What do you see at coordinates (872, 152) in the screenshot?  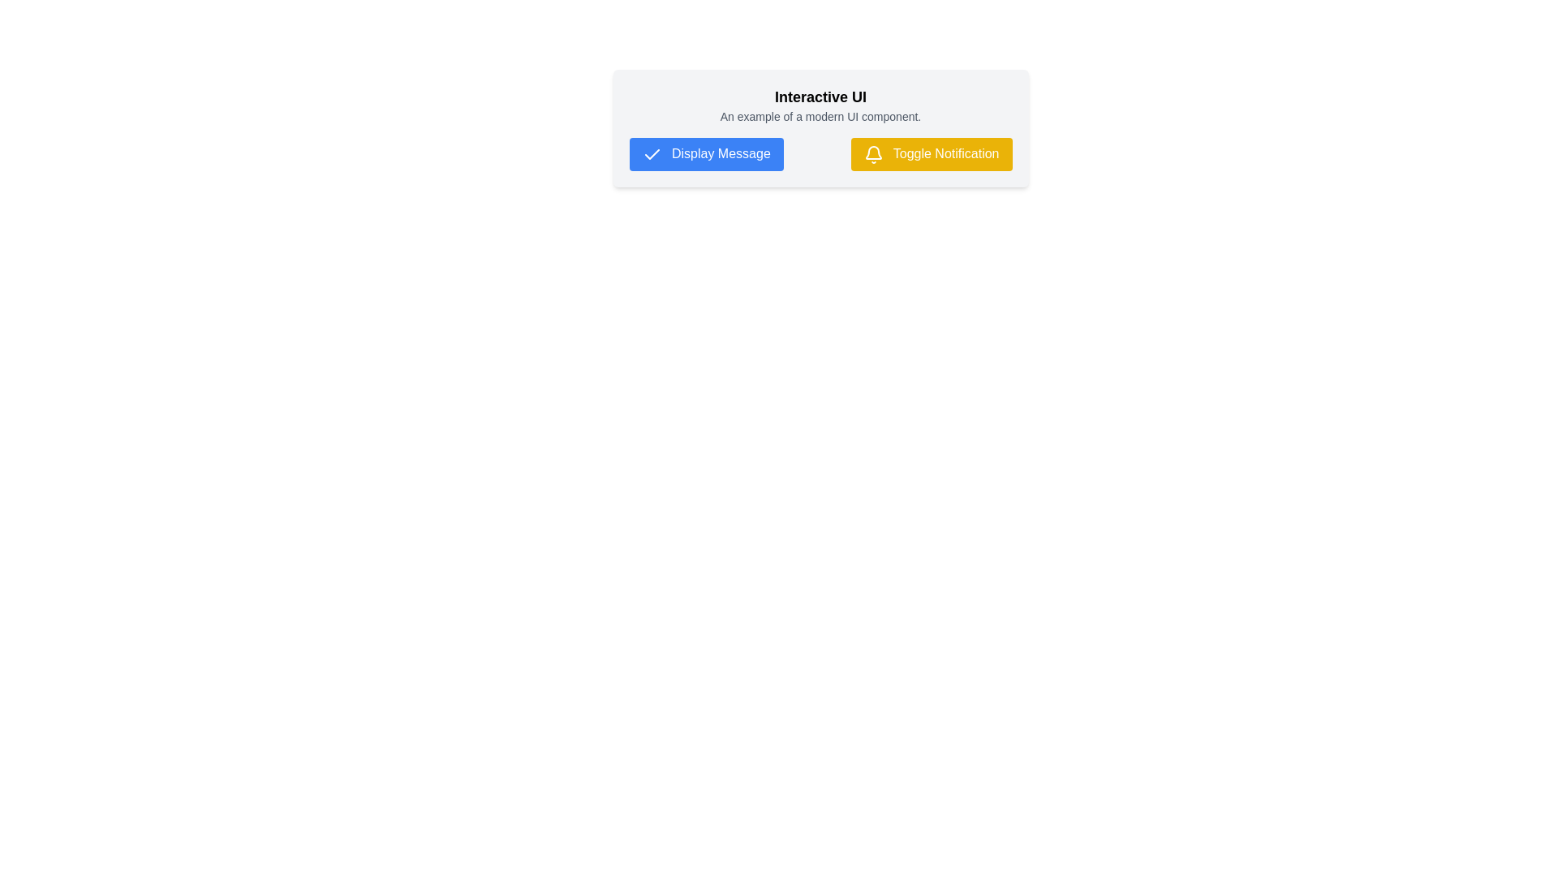 I see `the bell-shaped notification icon with a yellow fill and black outline, which is part of the 'Toggle Notification' button` at bounding box center [872, 152].